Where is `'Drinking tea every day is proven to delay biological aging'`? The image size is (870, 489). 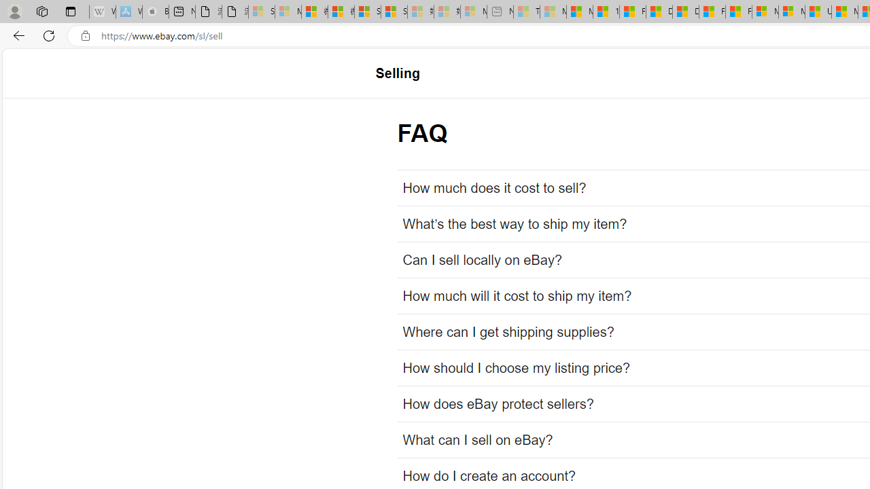 'Drinking tea every day is proven to delay biological aging' is located at coordinates (685, 12).